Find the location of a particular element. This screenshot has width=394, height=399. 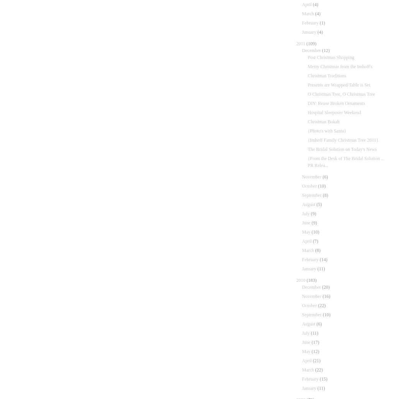

'Christmas Traditions' is located at coordinates (327, 75).